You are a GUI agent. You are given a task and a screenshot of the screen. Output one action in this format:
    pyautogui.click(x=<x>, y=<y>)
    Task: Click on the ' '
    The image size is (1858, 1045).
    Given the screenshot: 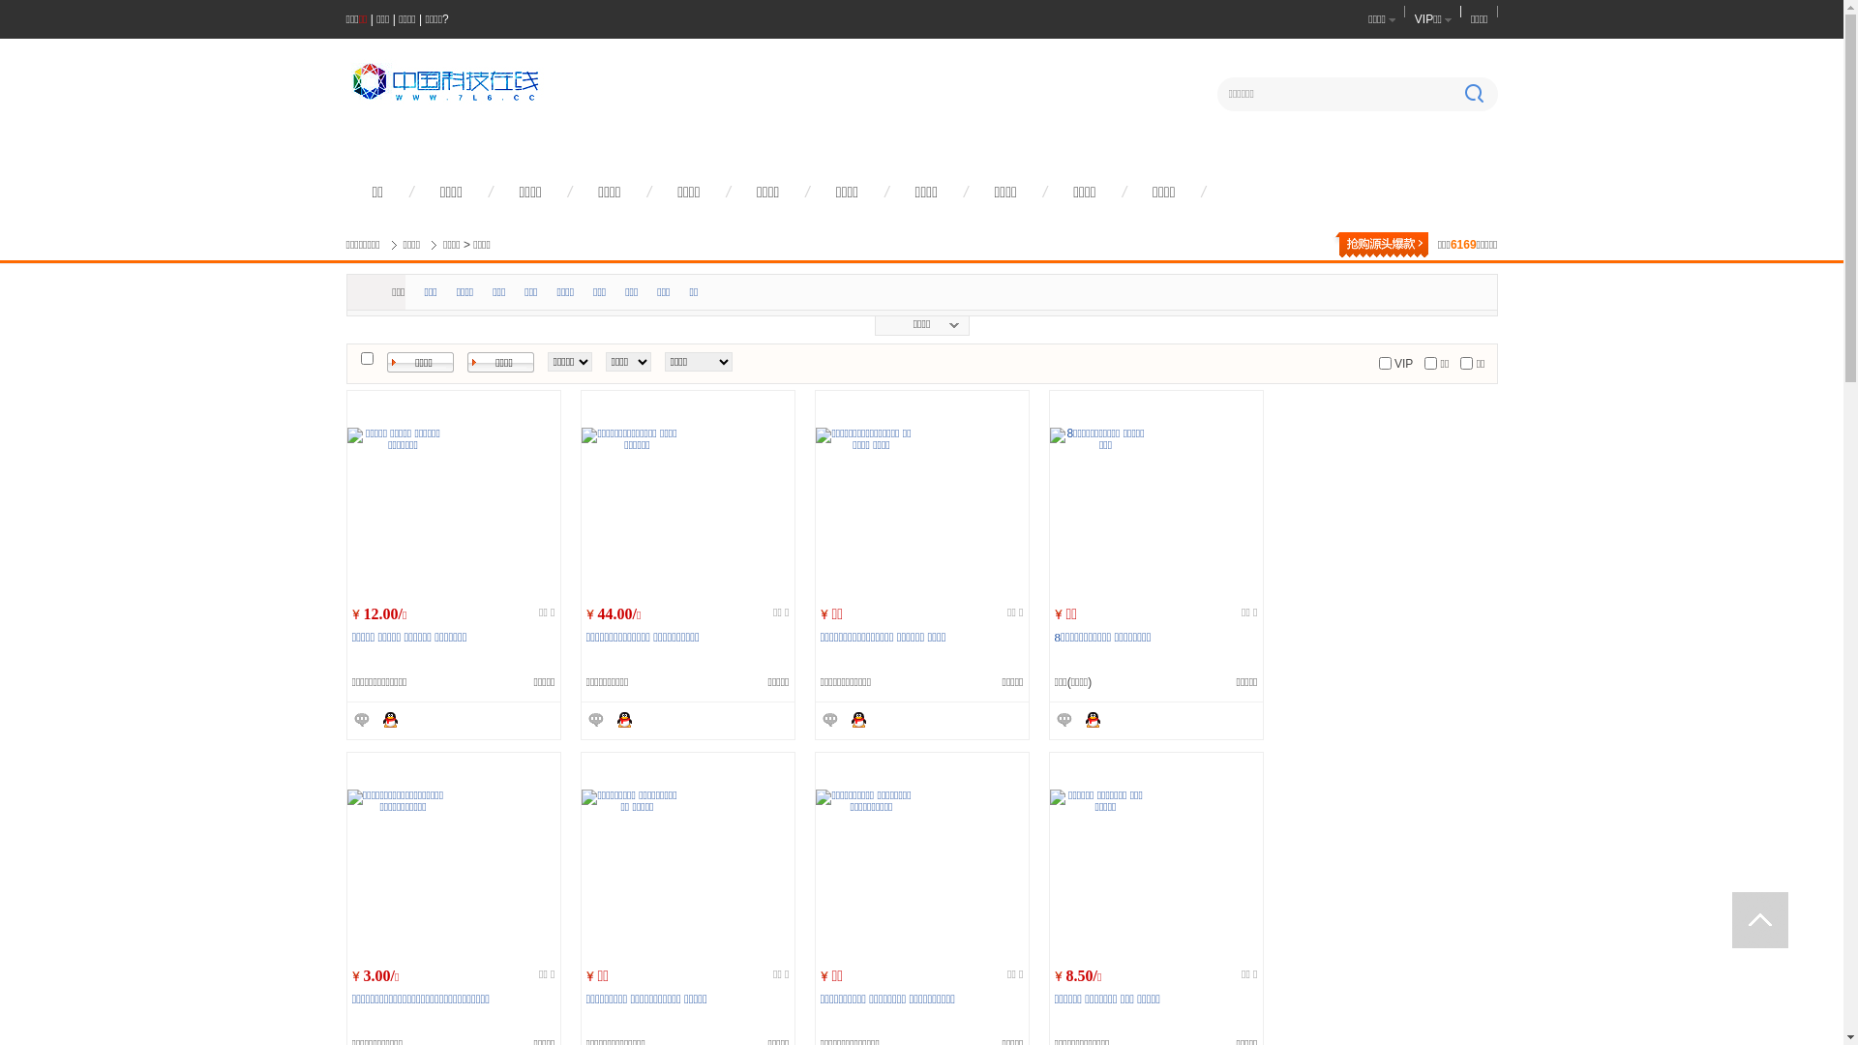 What is the action you would take?
    pyautogui.click(x=1760, y=919)
    